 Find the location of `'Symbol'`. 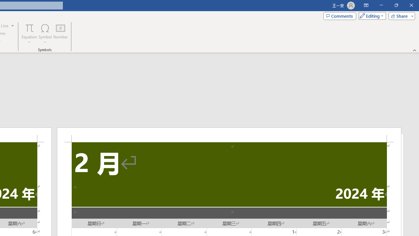

'Symbol' is located at coordinates (45, 34).